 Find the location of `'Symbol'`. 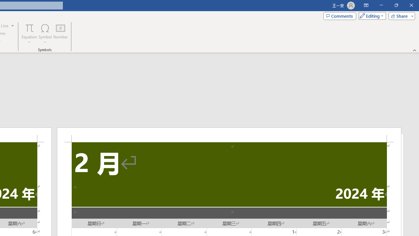

'Symbol' is located at coordinates (45, 34).